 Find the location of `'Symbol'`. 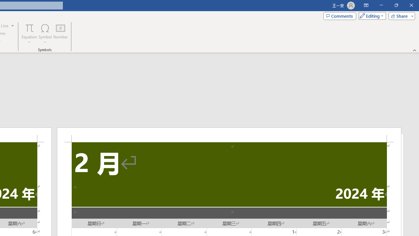

'Symbol' is located at coordinates (45, 34).